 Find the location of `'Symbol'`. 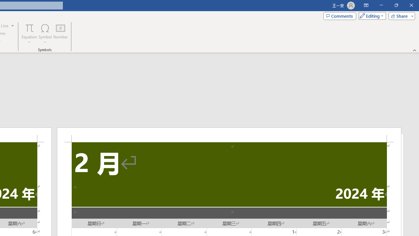

'Symbol' is located at coordinates (45, 34).